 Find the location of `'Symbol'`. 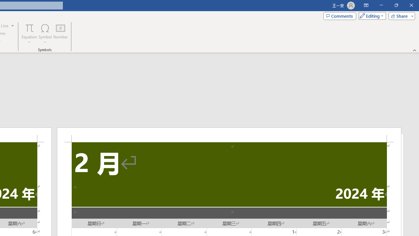

'Symbol' is located at coordinates (45, 34).